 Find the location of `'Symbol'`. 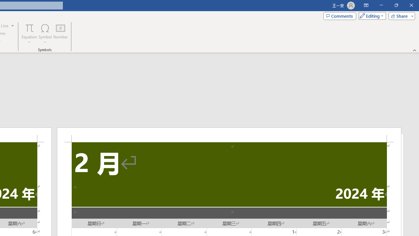

'Symbol' is located at coordinates (45, 34).